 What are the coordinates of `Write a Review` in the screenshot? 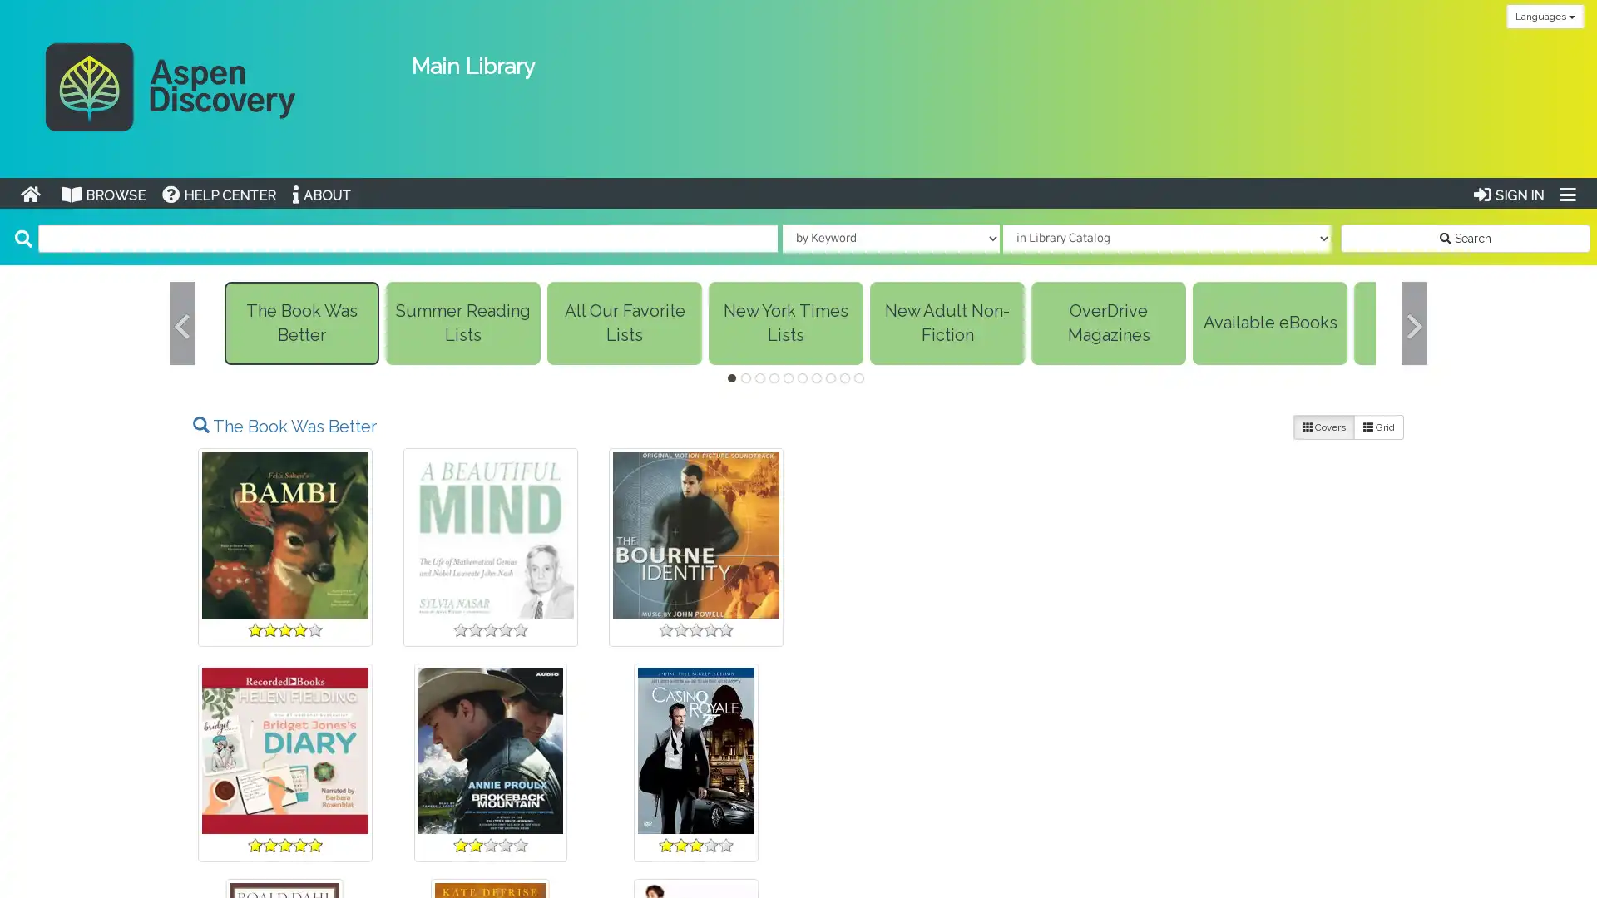 It's located at (489, 631).